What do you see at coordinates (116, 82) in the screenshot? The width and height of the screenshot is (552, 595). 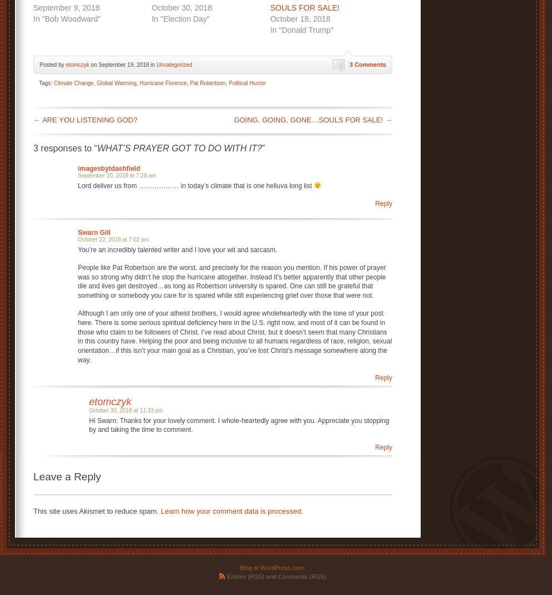 I see `'Global Warming'` at bounding box center [116, 82].